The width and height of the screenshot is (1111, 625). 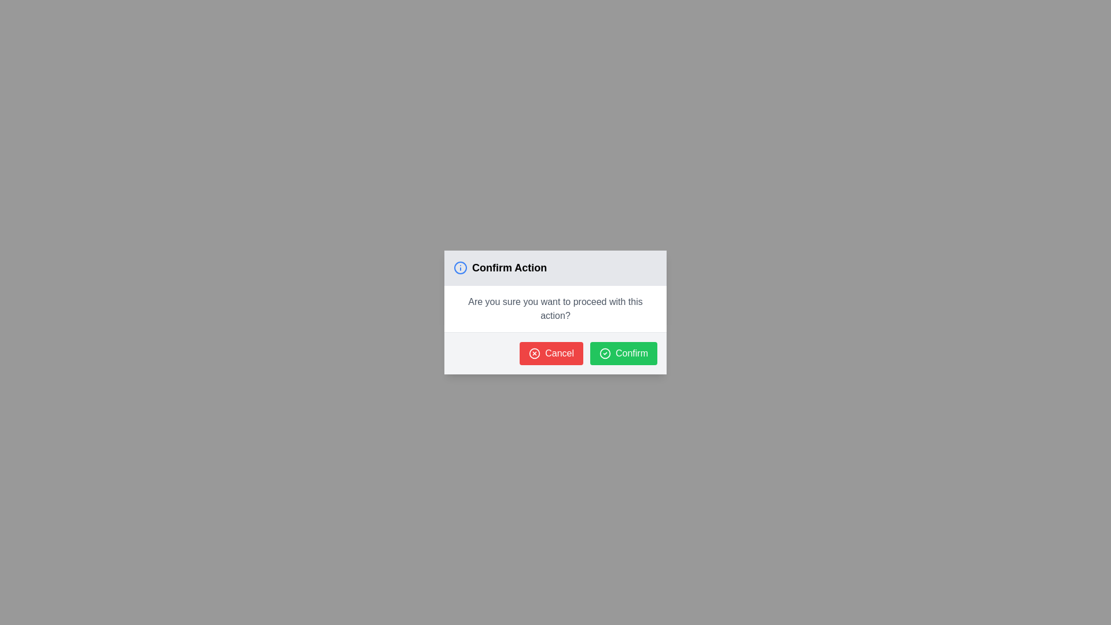 I want to click on the text label that reads 'Are you sure you want to proceed with this action?' in the confirmation dialog box, which is located below the title 'Confirm Action' and above the buttons 'Cancel' and 'Confirm', so click(x=555, y=308).